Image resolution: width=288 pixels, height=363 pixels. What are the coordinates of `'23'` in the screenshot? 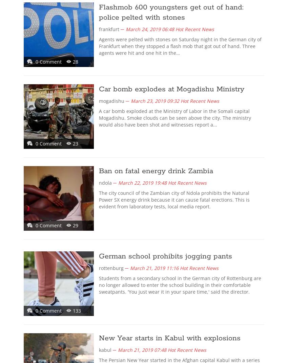 It's located at (76, 143).